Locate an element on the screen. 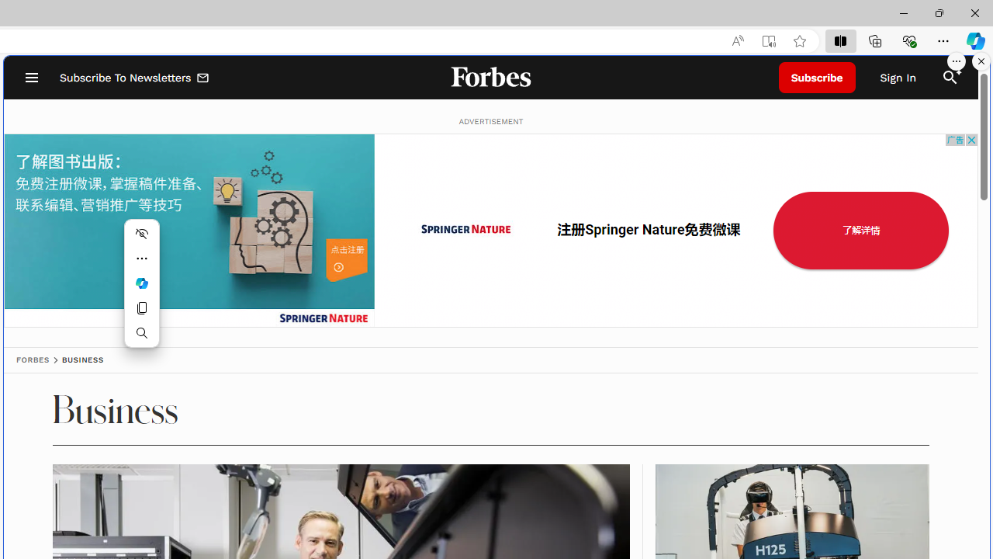  'BUSINESS' is located at coordinates (81, 359).